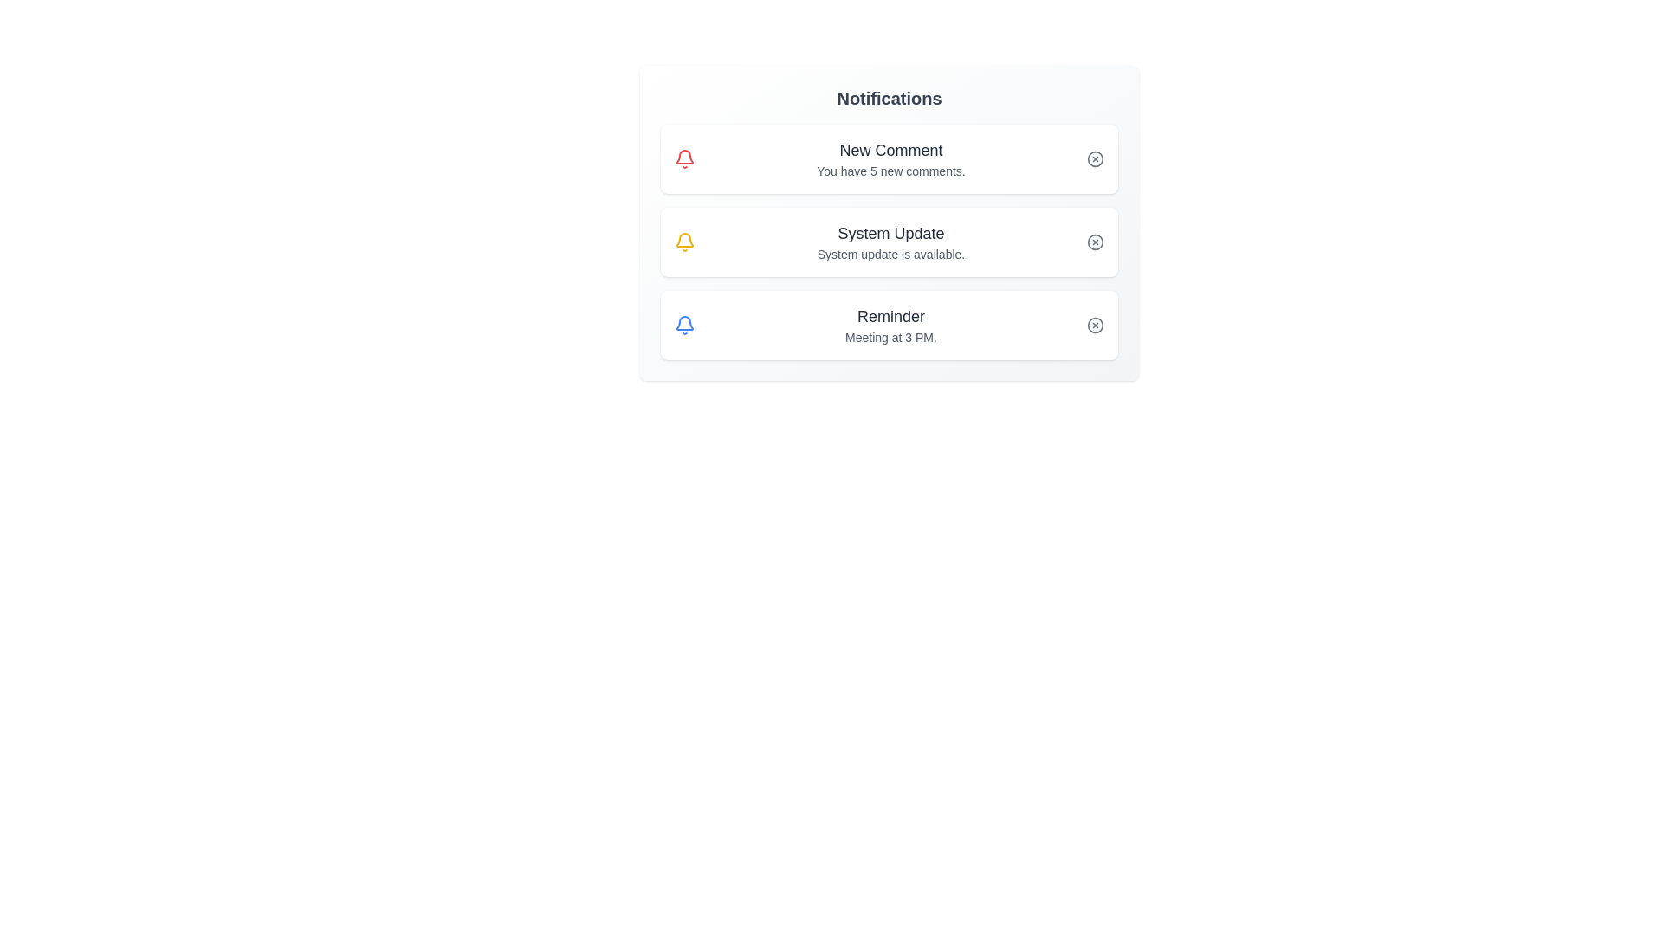 The height and width of the screenshot is (935, 1663). What do you see at coordinates (890, 149) in the screenshot?
I see `the notification title text label indicating a new comment, which is located in the notification section above the subtitle 'You have 5 new comments.'` at bounding box center [890, 149].